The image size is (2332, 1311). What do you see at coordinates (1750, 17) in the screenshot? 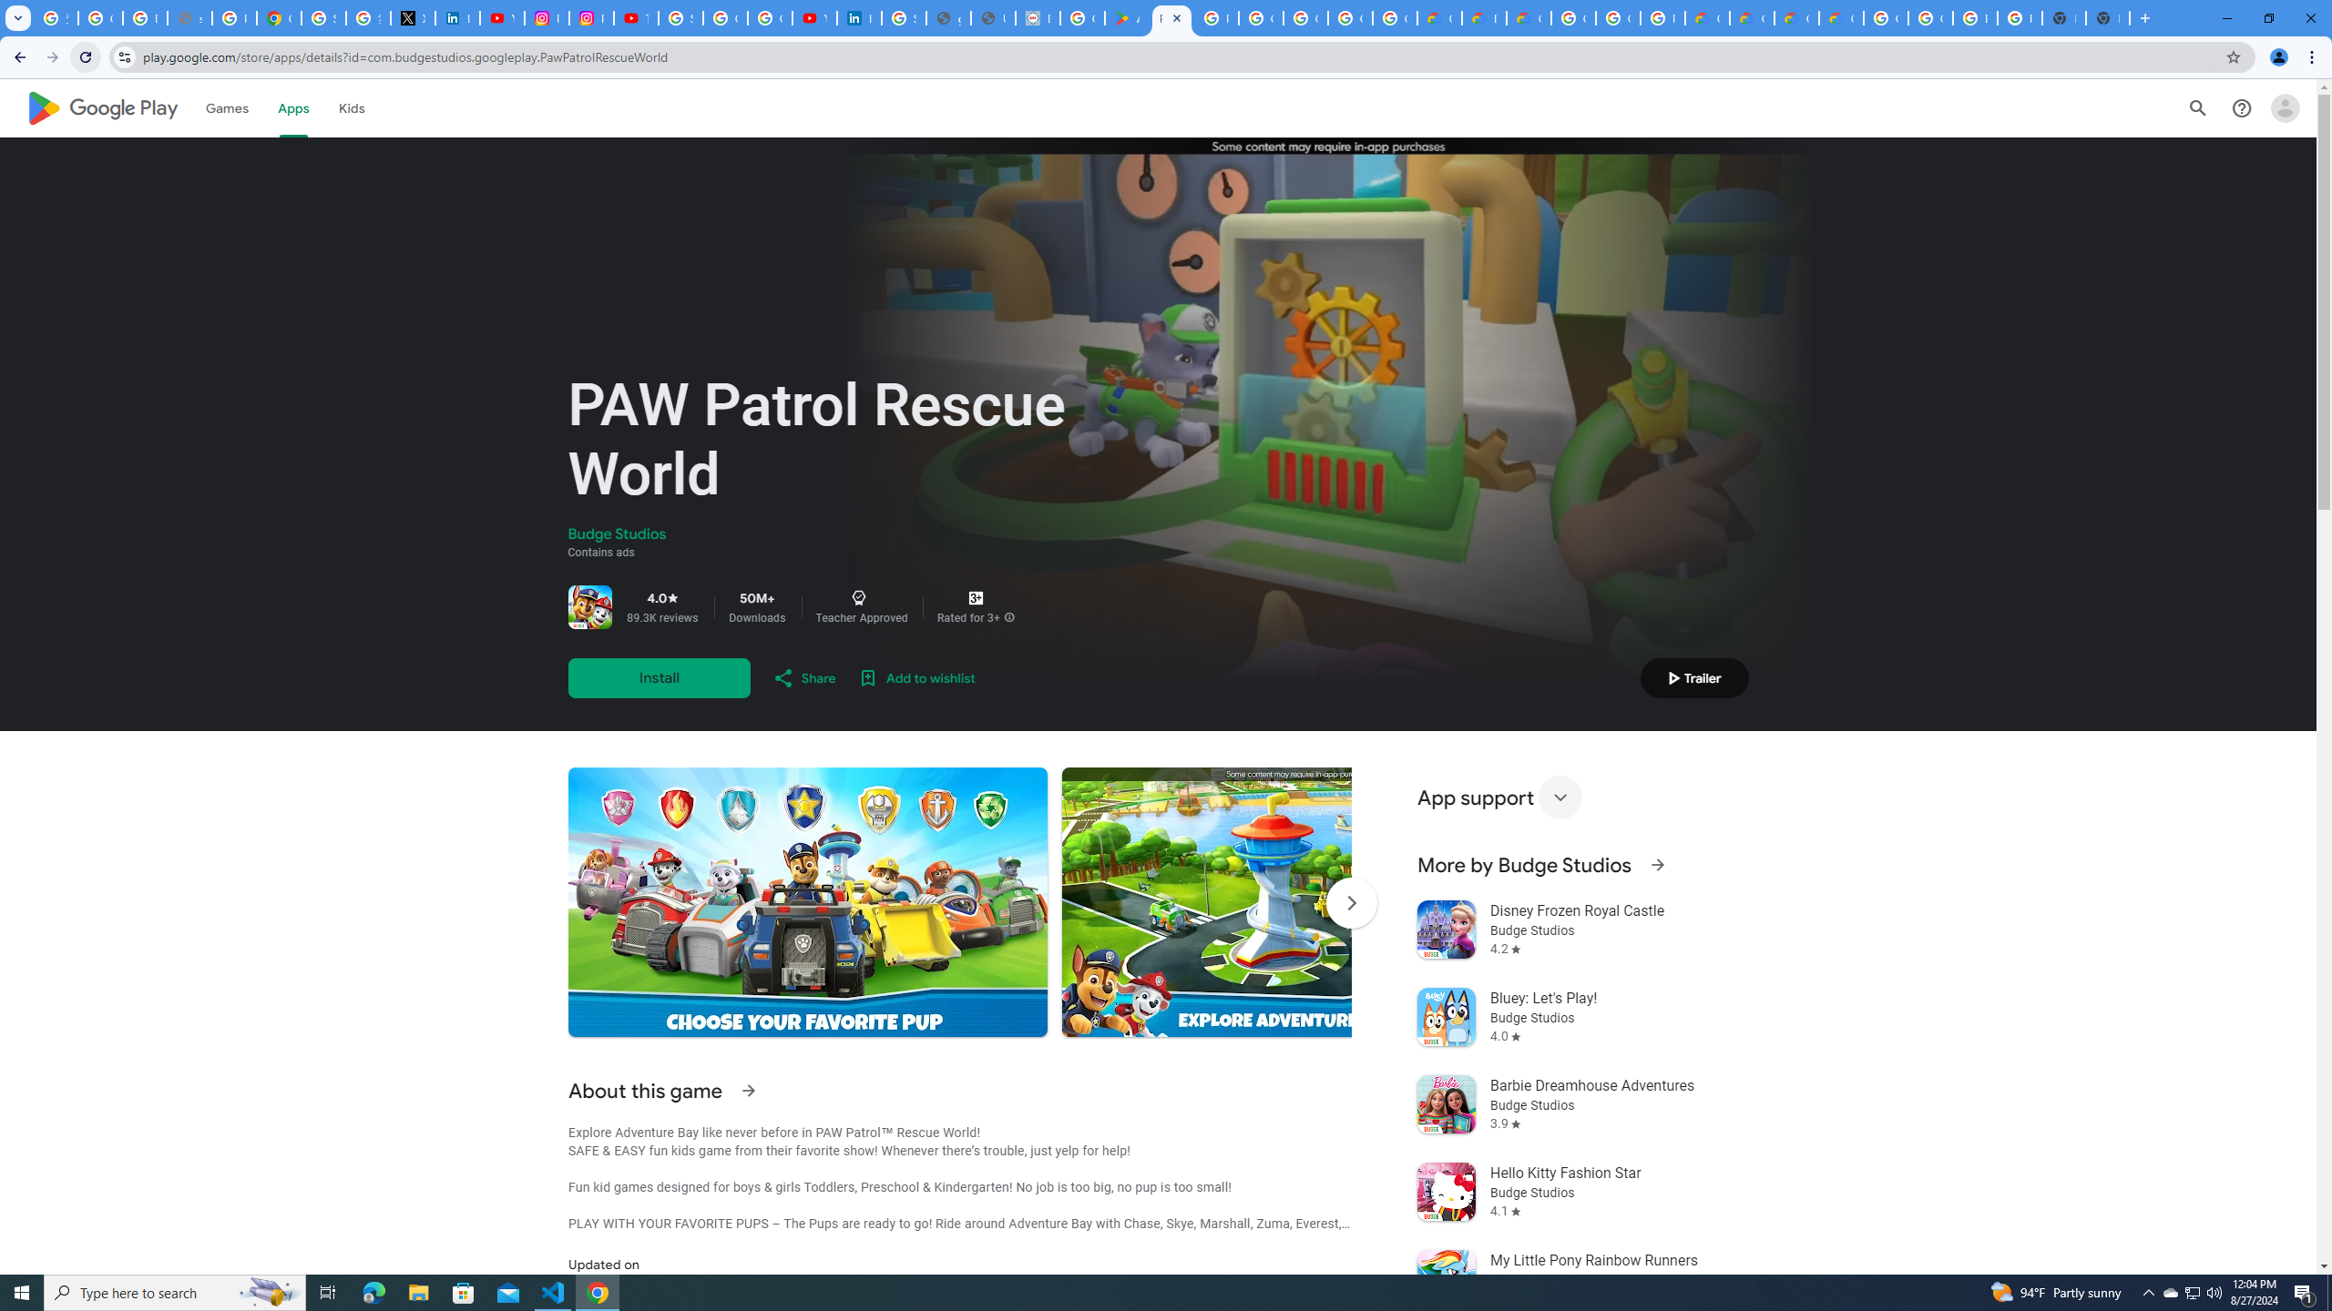
I see `'Google Cloud Pricing Calculator'` at bounding box center [1750, 17].